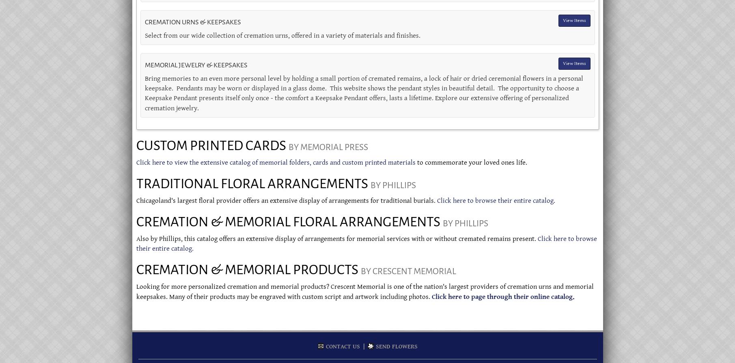 The image size is (735, 363). What do you see at coordinates (396, 346) in the screenshot?
I see `'Send Flowers'` at bounding box center [396, 346].